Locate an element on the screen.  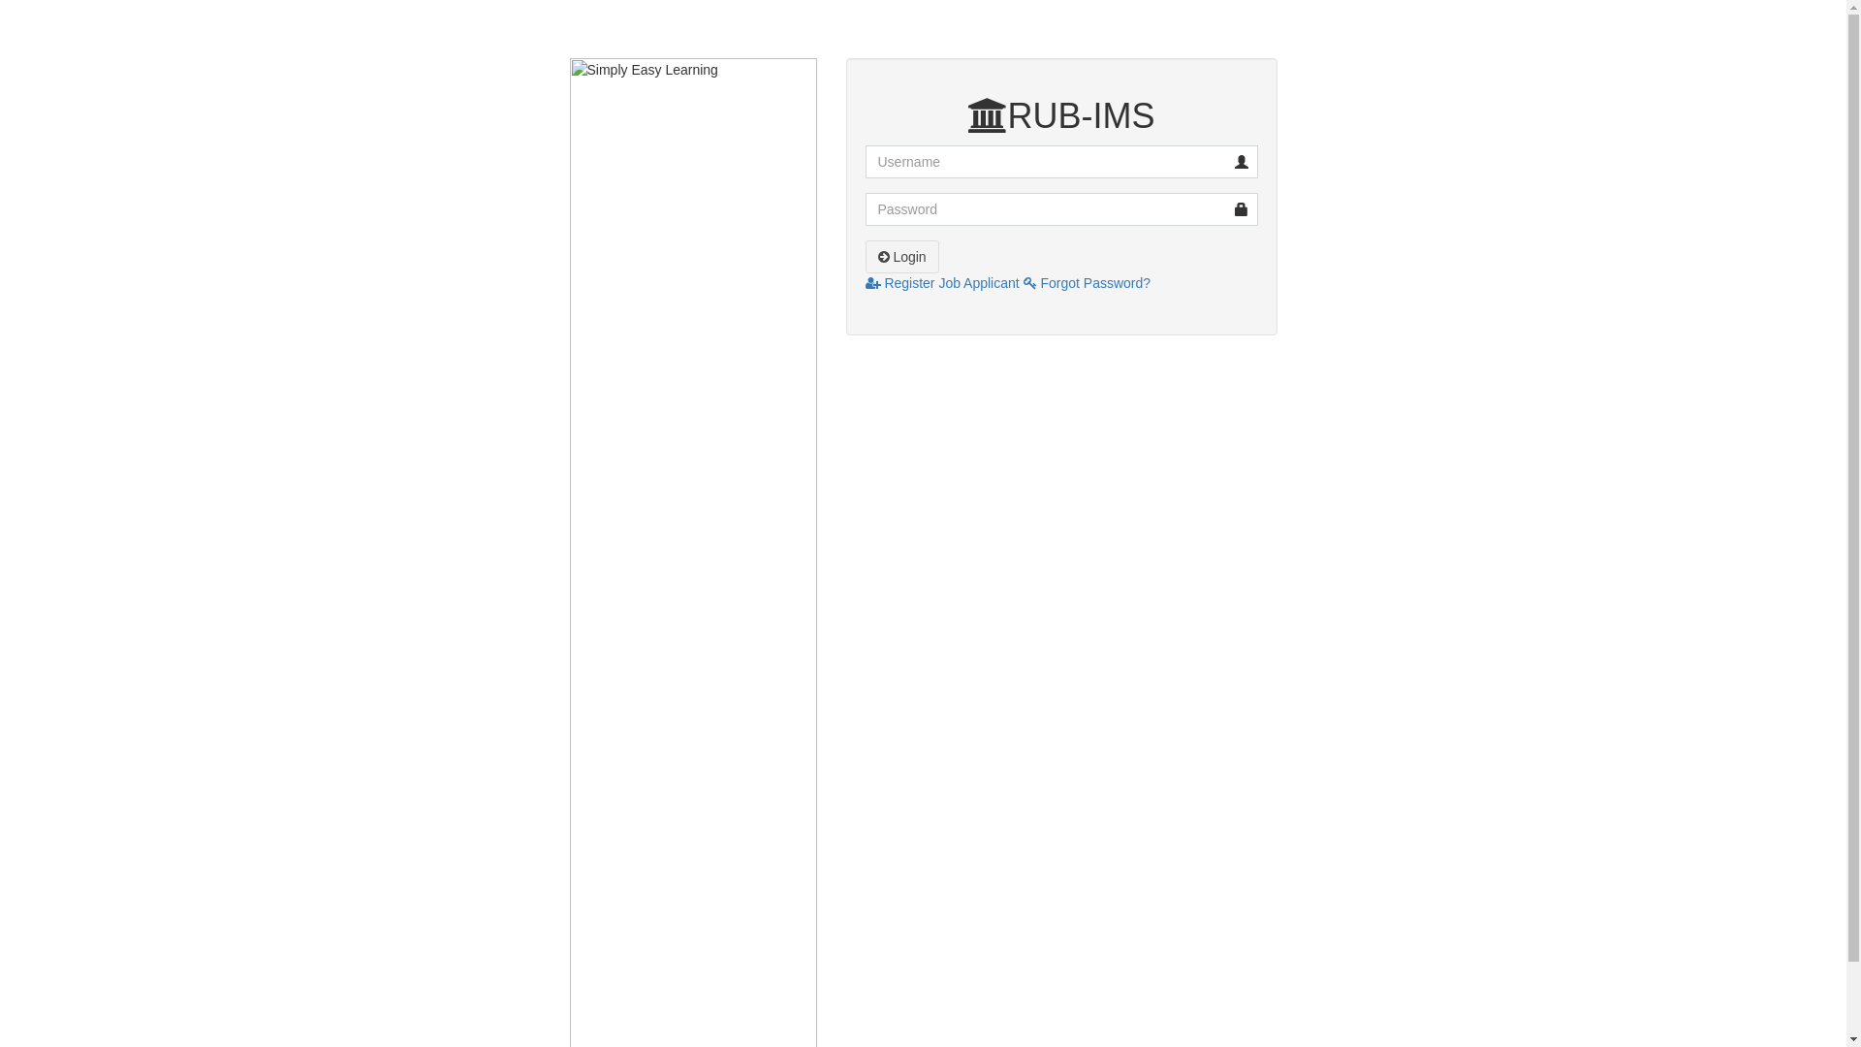
'Login' is located at coordinates (864, 256).